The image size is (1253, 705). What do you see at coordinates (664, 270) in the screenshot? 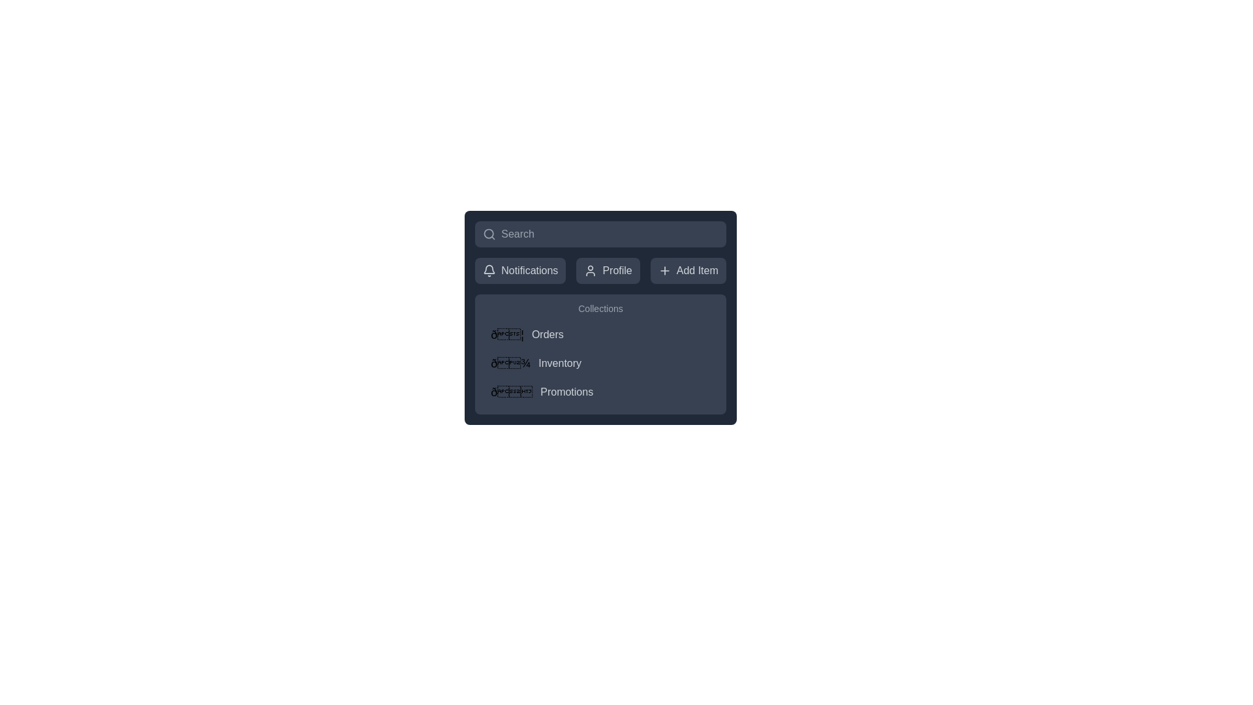
I see `the plus-shaped icon within the 'Add Item' button` at bounding box center [664, 270].